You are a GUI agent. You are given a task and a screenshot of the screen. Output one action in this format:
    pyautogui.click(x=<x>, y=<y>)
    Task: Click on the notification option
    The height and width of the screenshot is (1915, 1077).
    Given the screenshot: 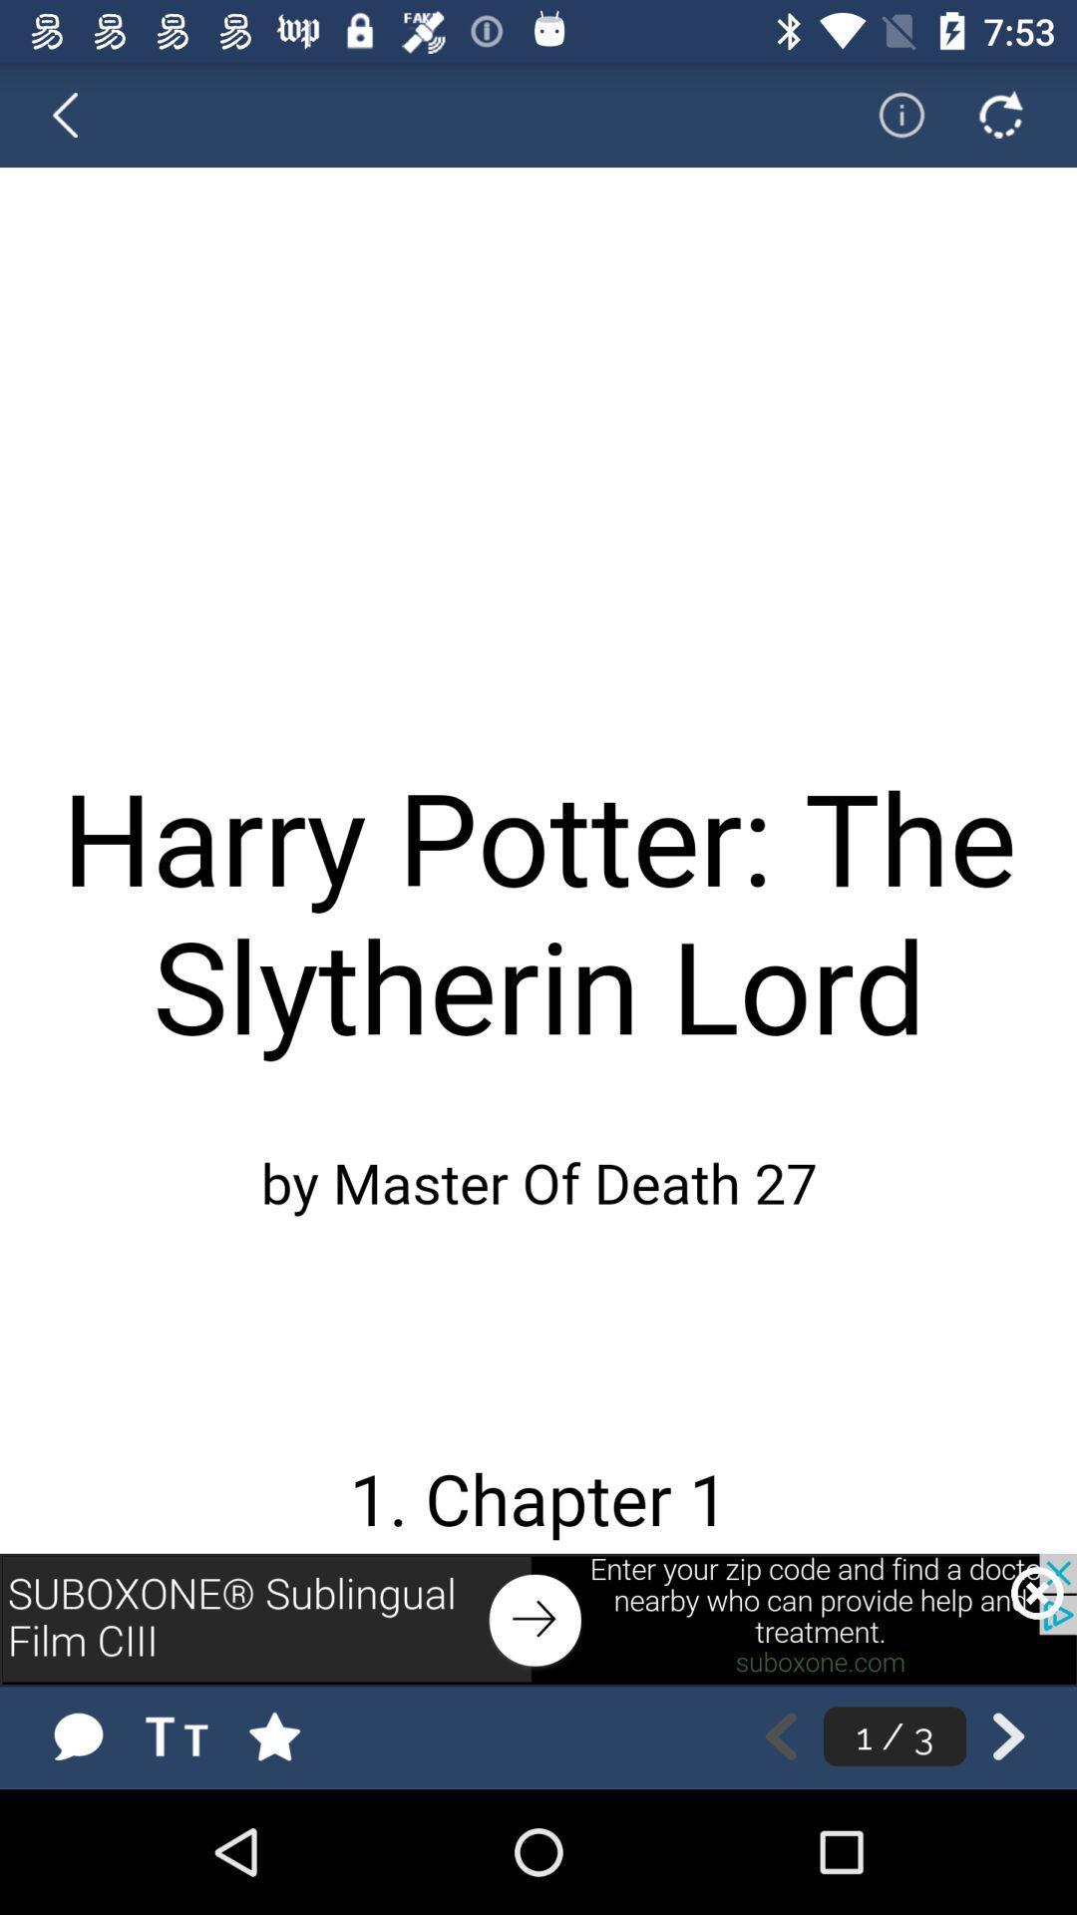 What is the action you would take?
    pyautogui.click(x=888, y=114)
    